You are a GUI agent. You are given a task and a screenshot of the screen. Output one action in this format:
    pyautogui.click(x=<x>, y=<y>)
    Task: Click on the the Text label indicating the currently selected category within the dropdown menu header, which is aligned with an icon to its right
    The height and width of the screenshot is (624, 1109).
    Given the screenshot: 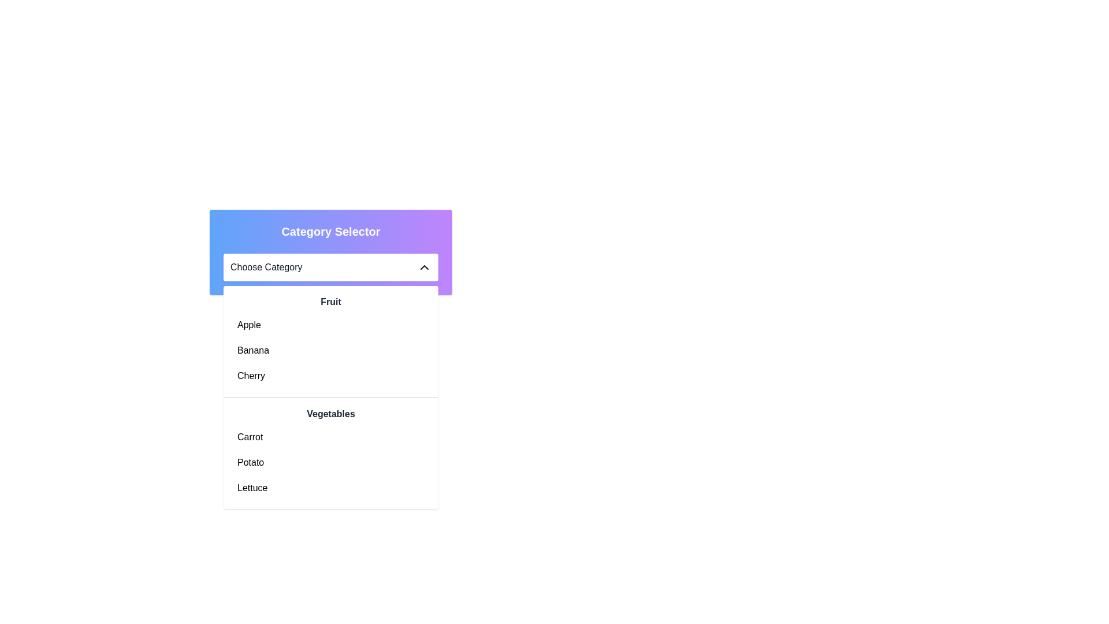 What is the action you would take?
    pyautogui.click(x=265, y=267)
    